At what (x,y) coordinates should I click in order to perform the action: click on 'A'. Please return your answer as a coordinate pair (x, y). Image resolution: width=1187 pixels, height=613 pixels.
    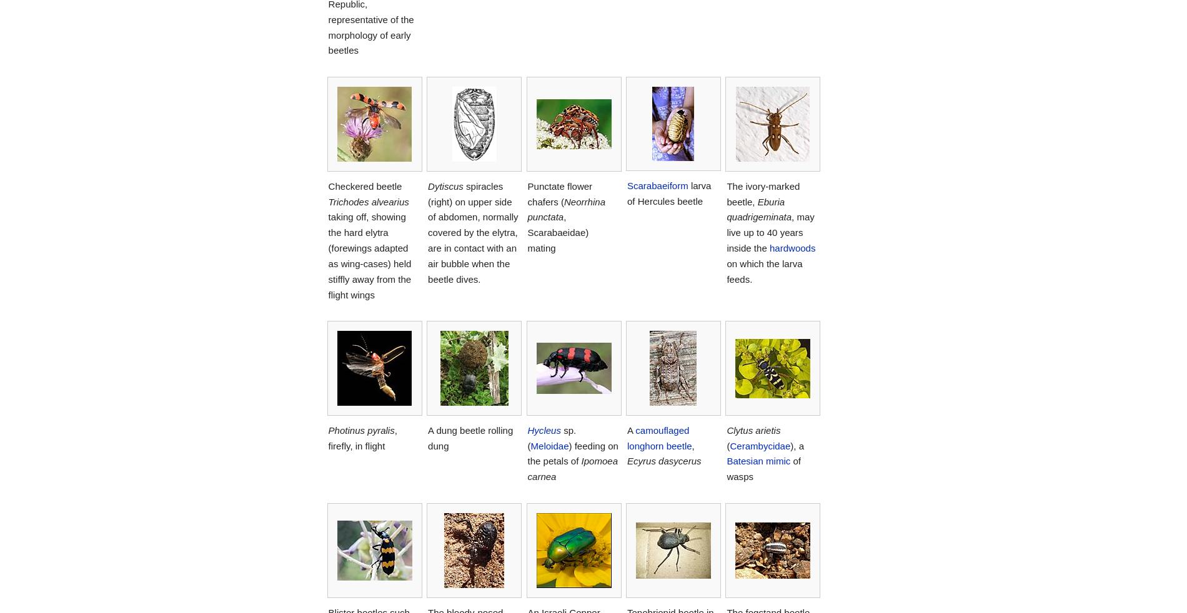
    Looking at the image, I should click on (631, 429).